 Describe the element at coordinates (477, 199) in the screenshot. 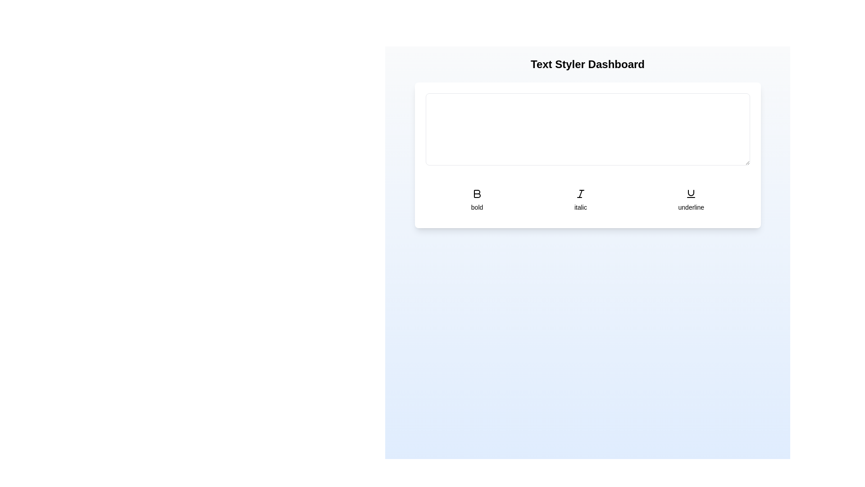

I see `the bold button to toggle the bold styling for the text` at that location.